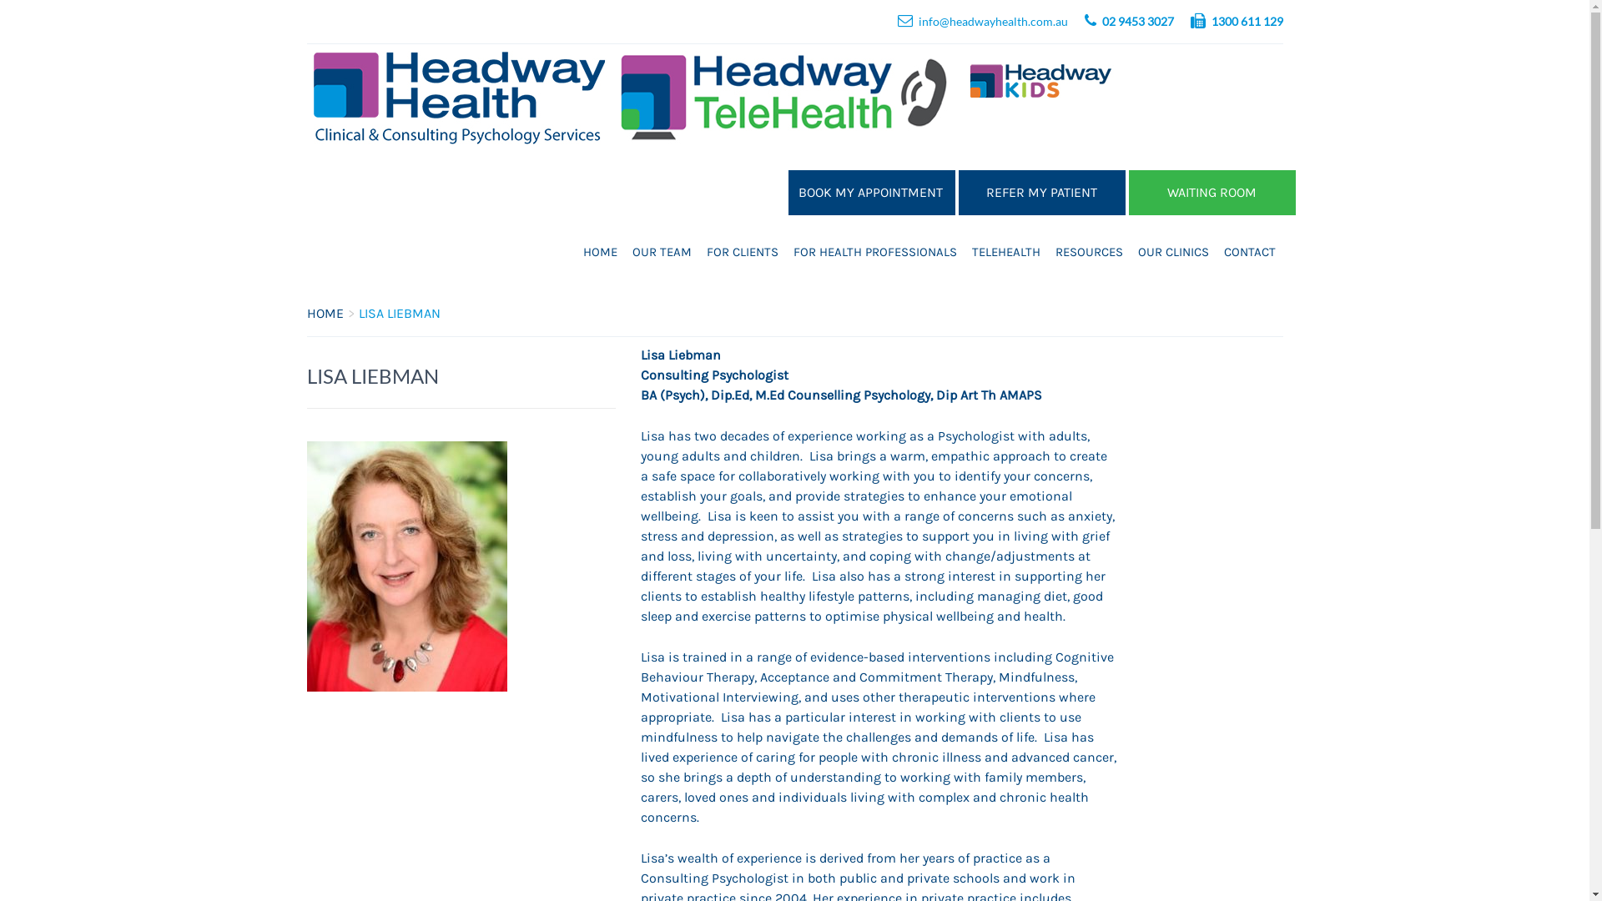 Image resolution: width=1602 pixels, height=901 pixels. What do you see at coordinates (1089, 251) in the screenshot?
I see `'RESOURCES'` at bounding box center [1089, 251].